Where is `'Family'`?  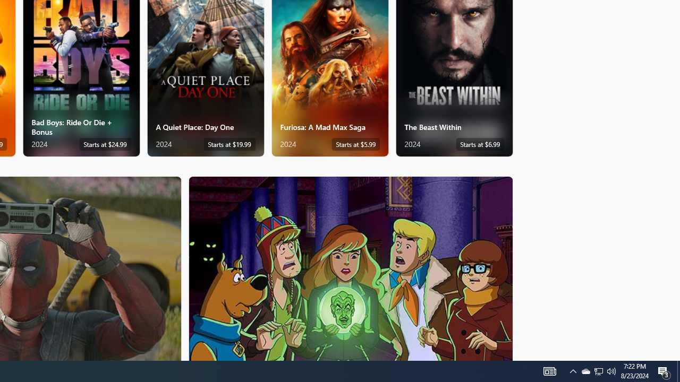
'Family' is located at coordinates (351, 267).